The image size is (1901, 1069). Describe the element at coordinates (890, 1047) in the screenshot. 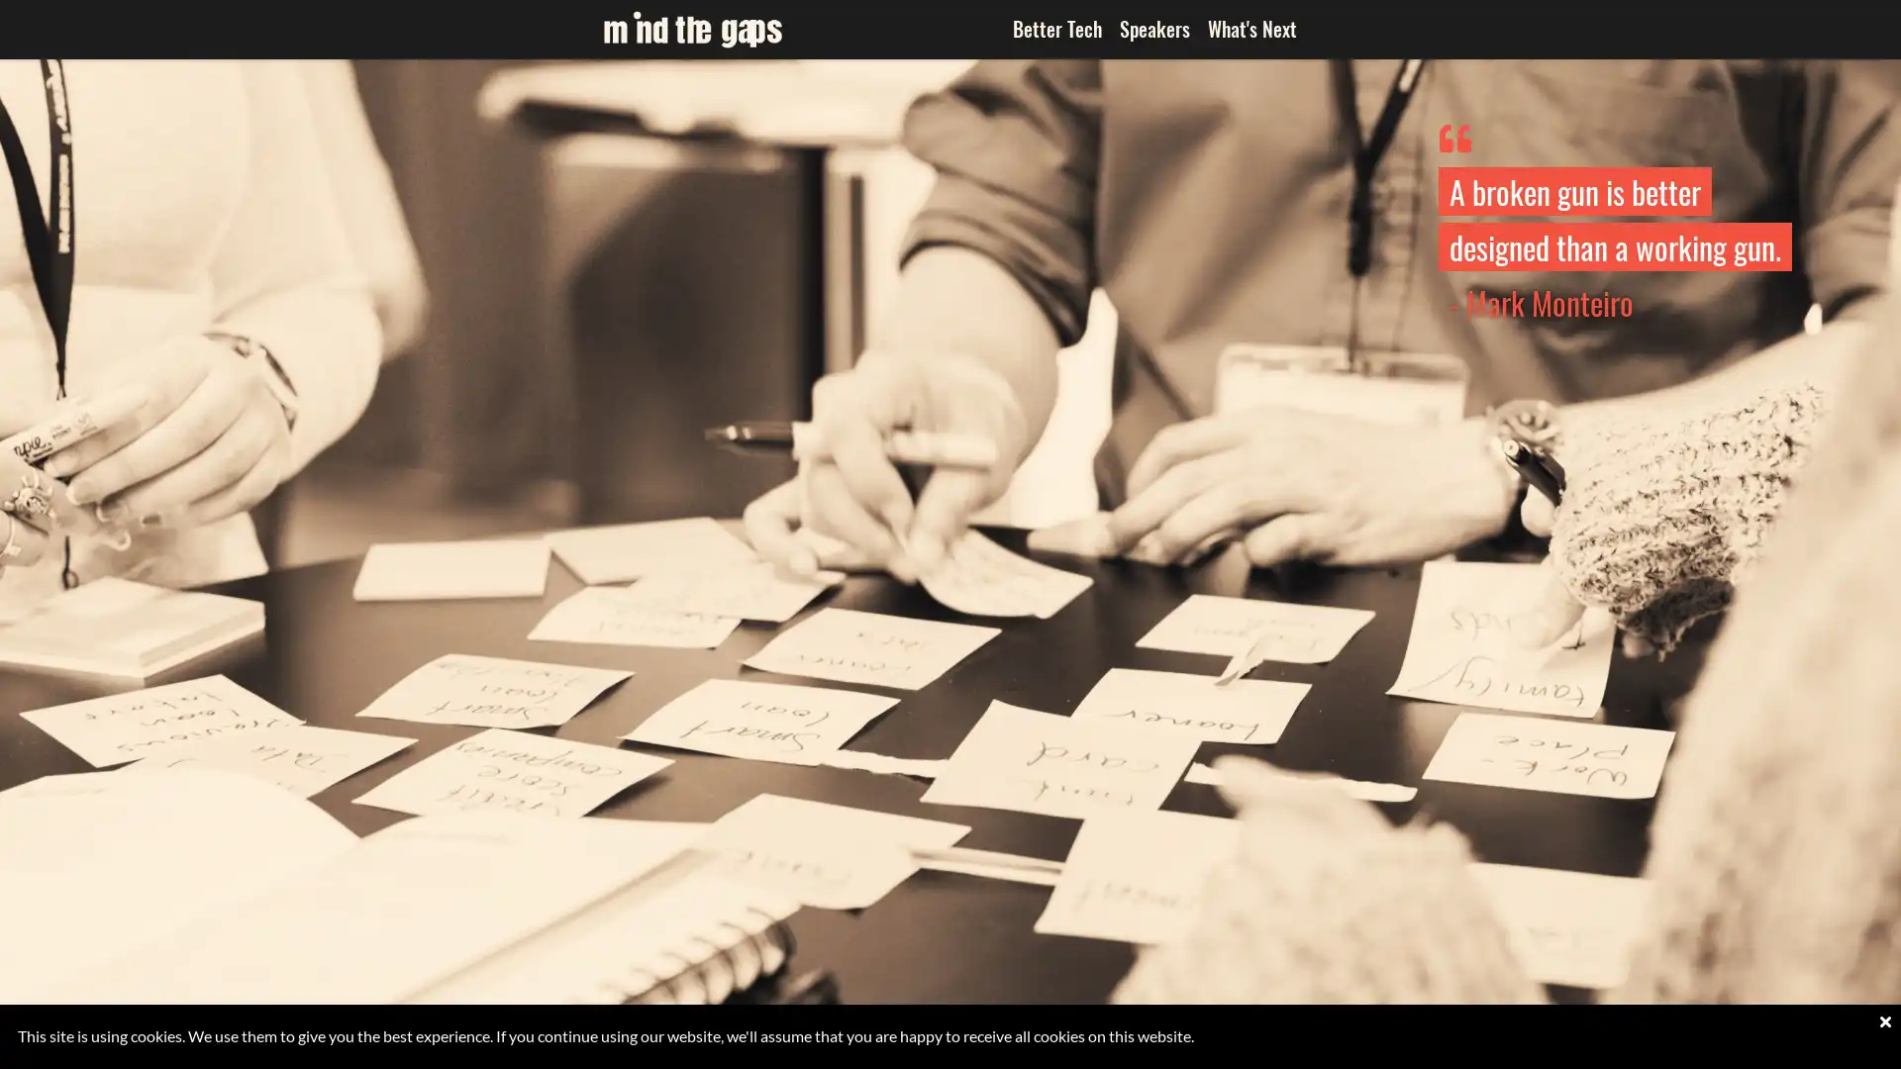

I see `1` at that location.